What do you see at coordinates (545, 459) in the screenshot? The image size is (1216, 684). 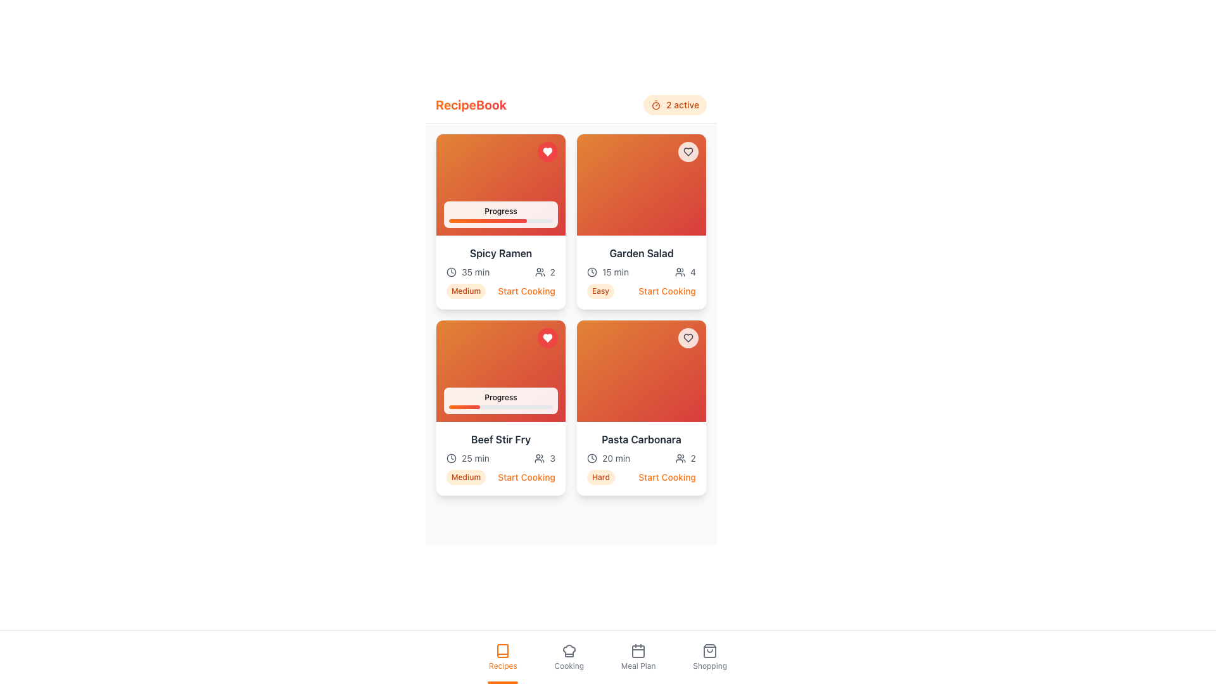 I see `the user icon with the number '3' located in the 'Beef Stir Fry' card, which is styled in dark tones and positioned below the title section and next to the cooking time indicator` at bounding box center [545, 459].